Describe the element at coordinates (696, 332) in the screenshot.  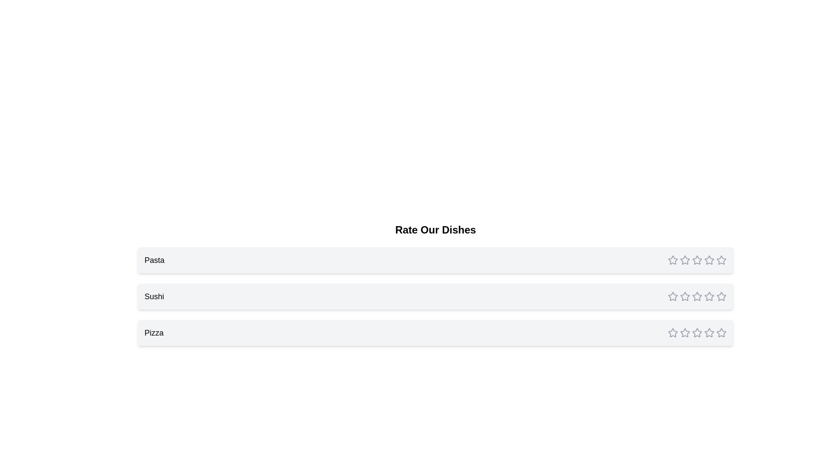
I see `the third rating star icon, which is filled with red color, indicating the selected rating level for the 'Pizza' category` at that location.